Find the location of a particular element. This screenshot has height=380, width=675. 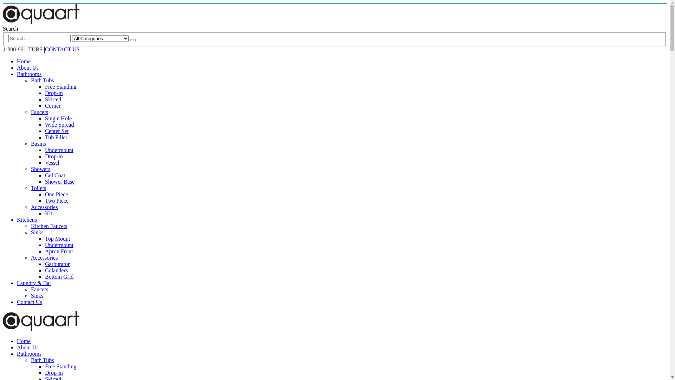

'Free Standing' is located at coordinates (60, 366).